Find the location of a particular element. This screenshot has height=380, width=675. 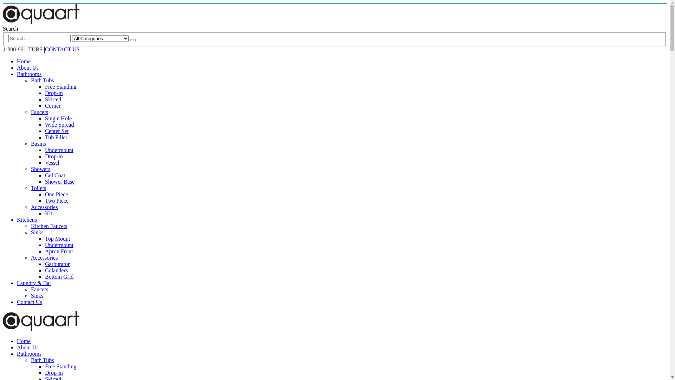

'Free Standing' is located at coordinates (60, 366).